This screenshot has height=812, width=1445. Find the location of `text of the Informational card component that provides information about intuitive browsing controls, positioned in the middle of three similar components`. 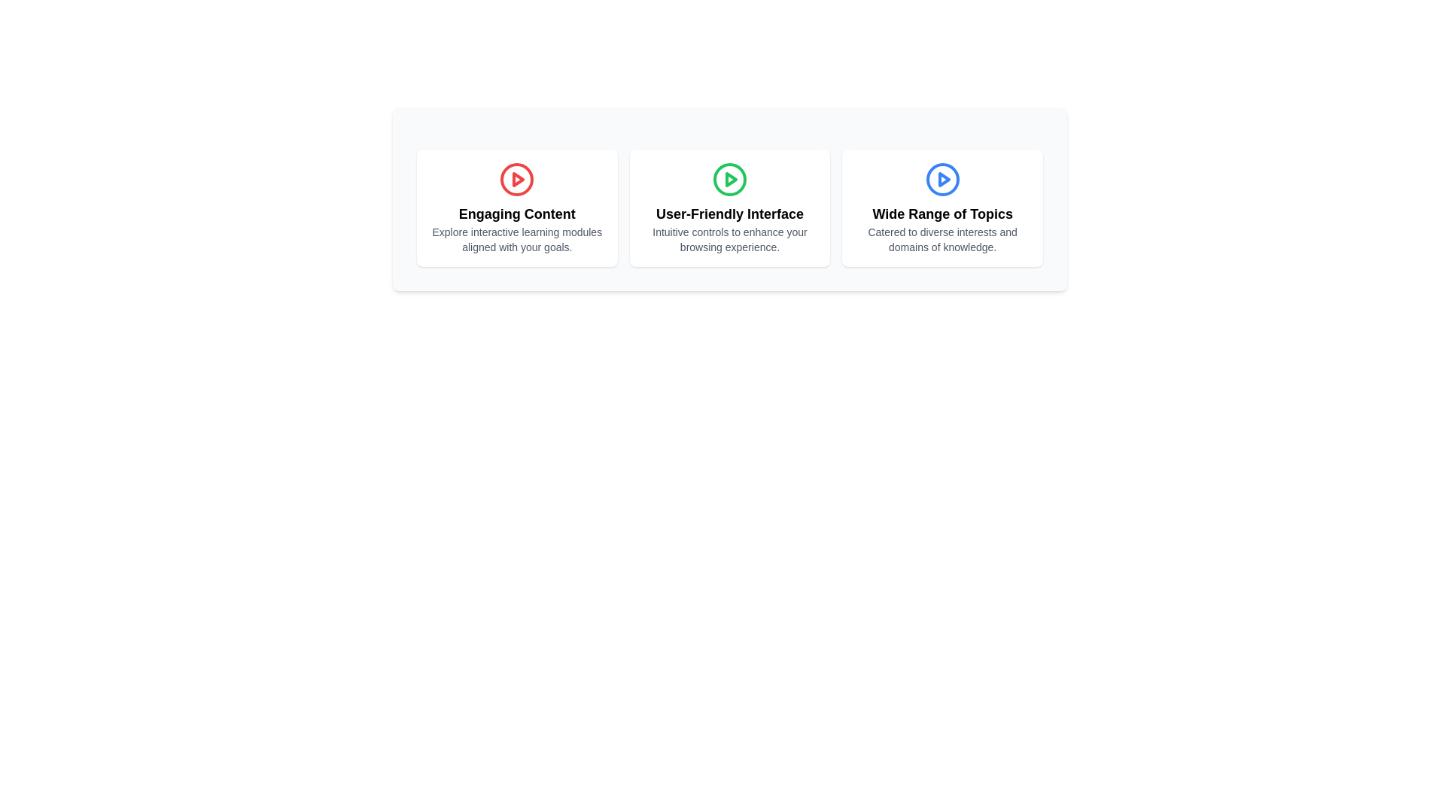

text of the Informational card component that provides information about intuitive browsing controls, positioned in the middle of three similar components is located at coordinates (729, 198).